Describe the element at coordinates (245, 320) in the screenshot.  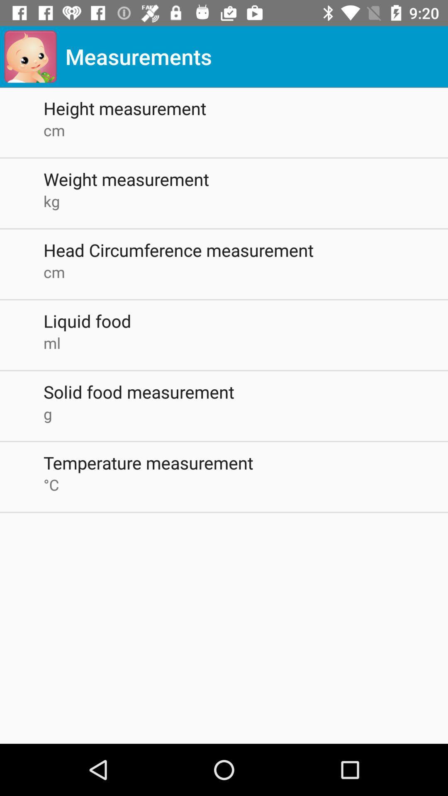
I see `item below the cm` at that location.